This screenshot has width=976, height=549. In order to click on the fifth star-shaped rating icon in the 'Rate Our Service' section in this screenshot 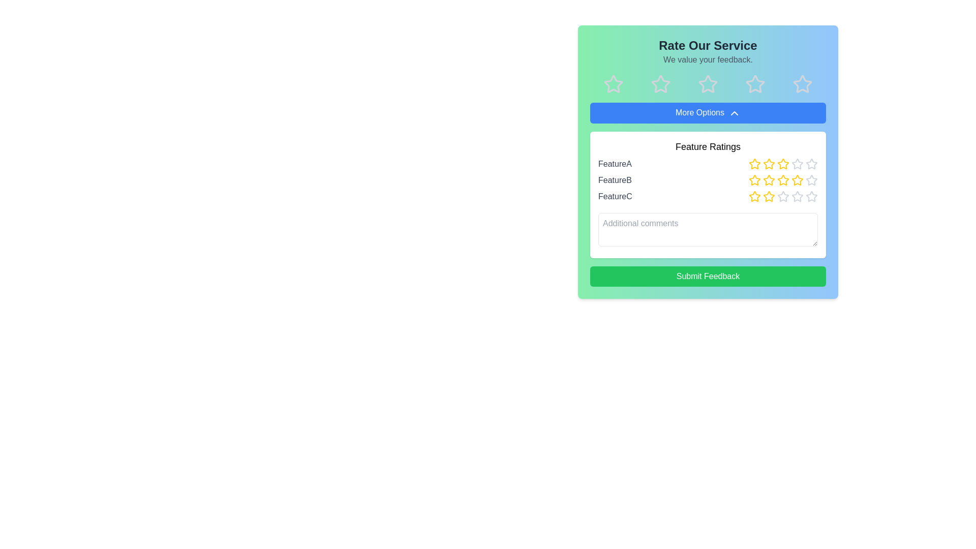, I will do `click(802, 83)`.